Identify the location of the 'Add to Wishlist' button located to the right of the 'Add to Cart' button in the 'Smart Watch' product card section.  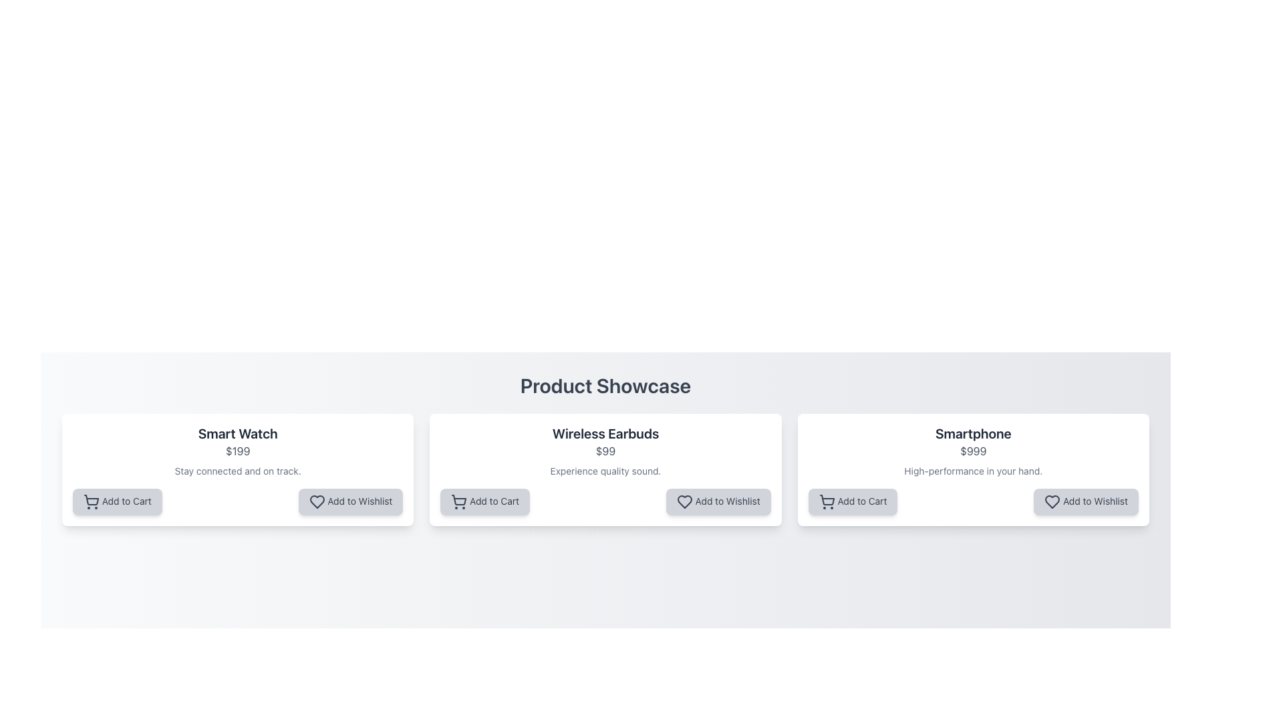
(350, 502).